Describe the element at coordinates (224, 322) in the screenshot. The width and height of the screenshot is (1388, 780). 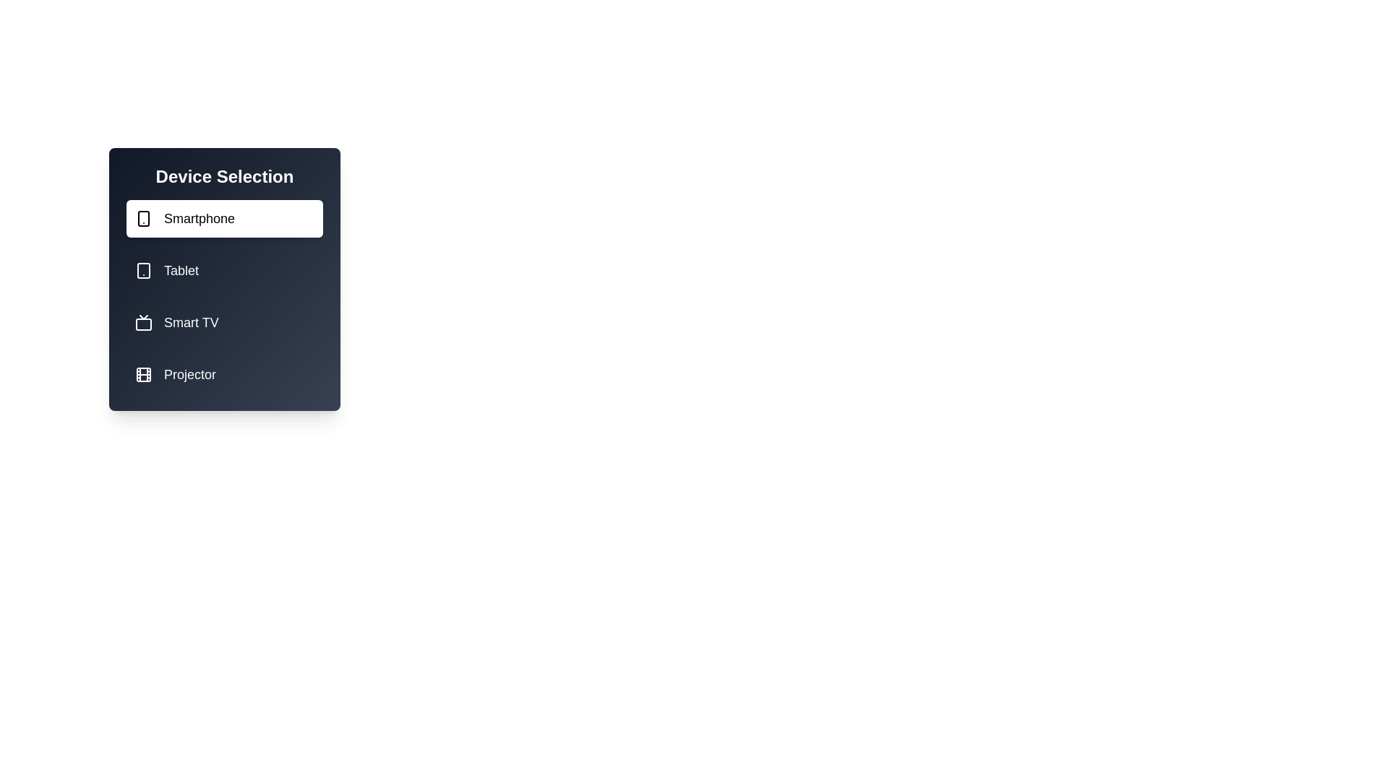
I see `the device corresponding to Smart TV by clicking on its icon or label` at that location.